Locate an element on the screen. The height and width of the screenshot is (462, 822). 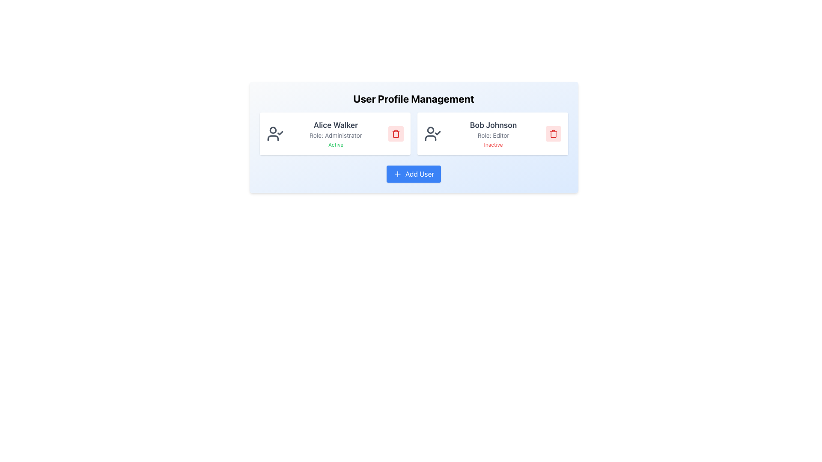
the distinctive red trash bin icon located in the top-right corner of the user profile card to initiate the deletion of the item is located at coordinates (553, 133).